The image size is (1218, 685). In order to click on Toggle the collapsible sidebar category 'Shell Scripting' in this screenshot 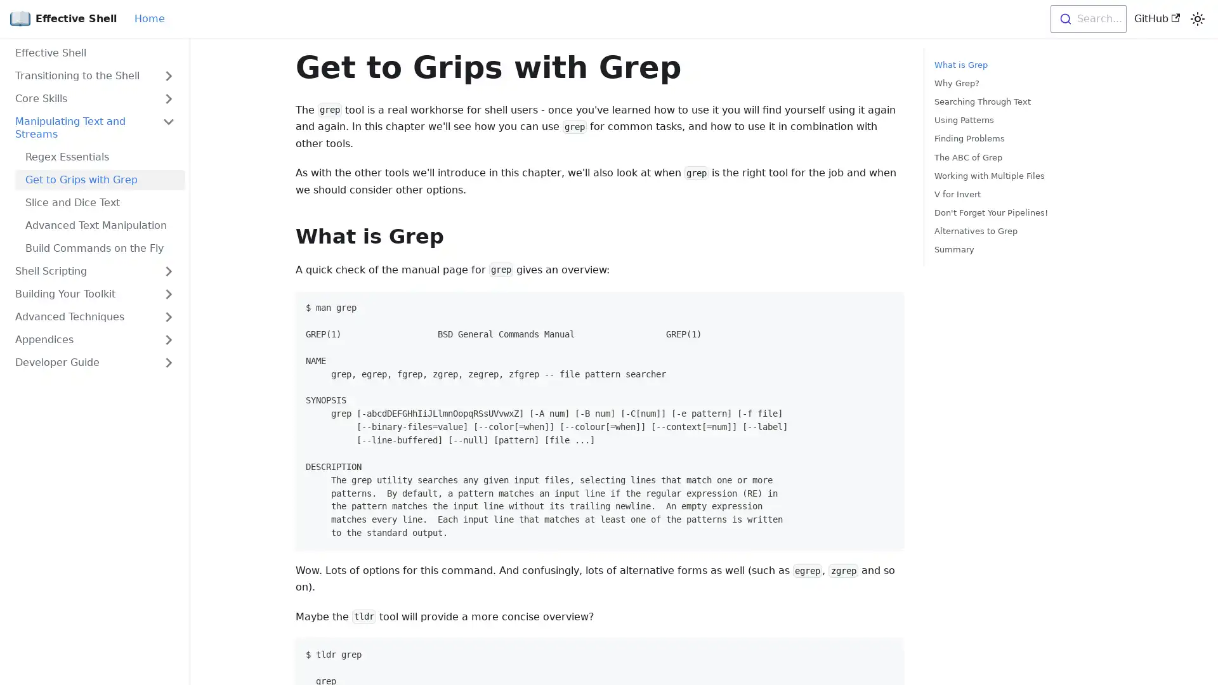, I will do `click(167, 271)`.